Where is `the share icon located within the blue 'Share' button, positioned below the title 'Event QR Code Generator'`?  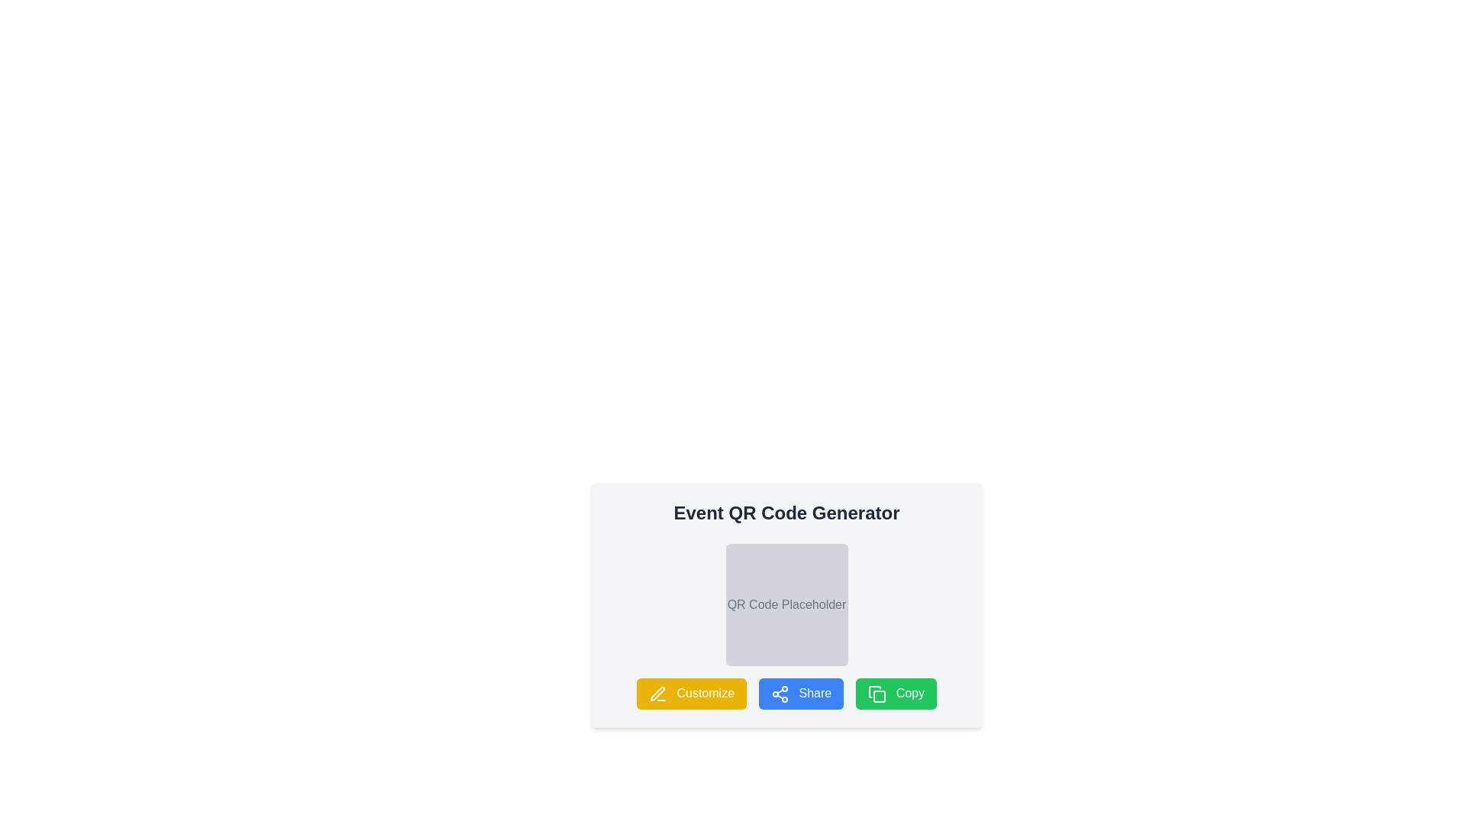
the share icon located within the blue 'Share' button, positioned below the title 'Event QR Code Generator' is located at coordinates (780, 694).